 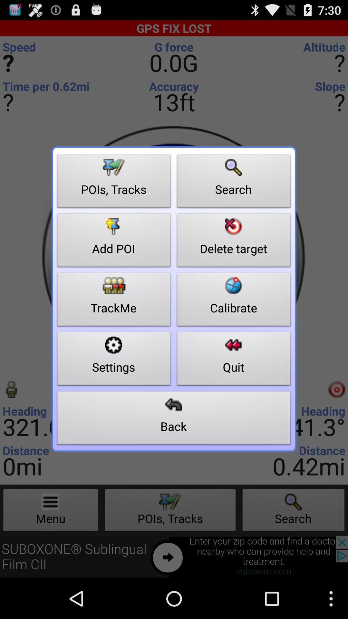 What do you see at coordinates (234, 301) in the screenshot?
I see `icon next to the add poi button` at bounding box center [234, 301].